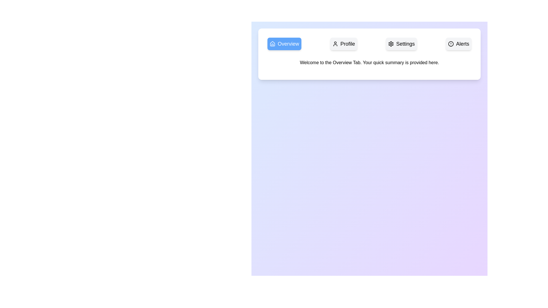 Image resolution: width=548 pixels, height=308 pixels. Describe the element at coordinates (272, 44) in the screenshot. I see `the house-shaped SVG icon located at the leftmost position within the 'Overview' button group, which is styled in white against a blue background` at that location.